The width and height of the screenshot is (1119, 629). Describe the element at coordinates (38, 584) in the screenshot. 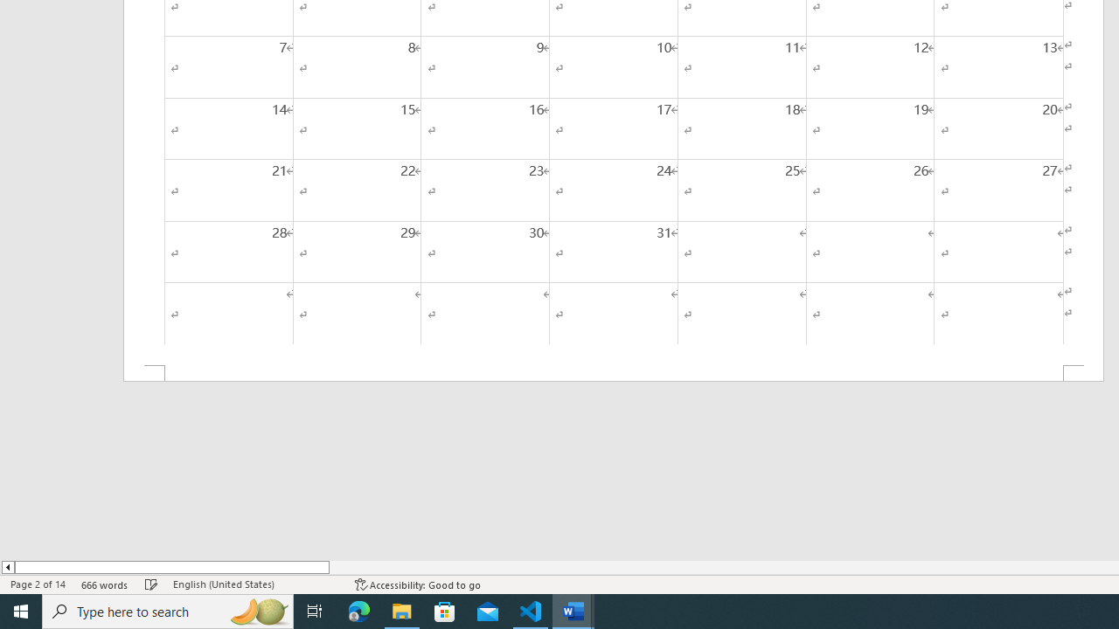

I see `'Page Number Page 2 of 14'` at that location.